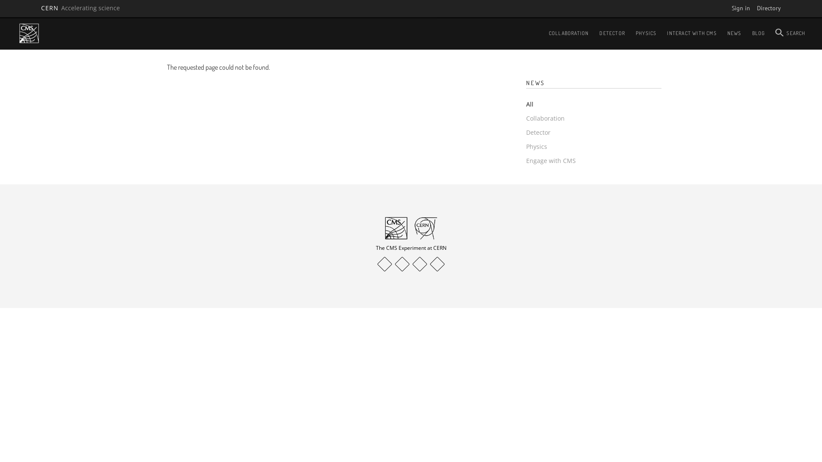 The image size is (822, 462). Describe the element at coordinates (548, 33) in the screenshot. I see `'COLLABORATION'` at that location.